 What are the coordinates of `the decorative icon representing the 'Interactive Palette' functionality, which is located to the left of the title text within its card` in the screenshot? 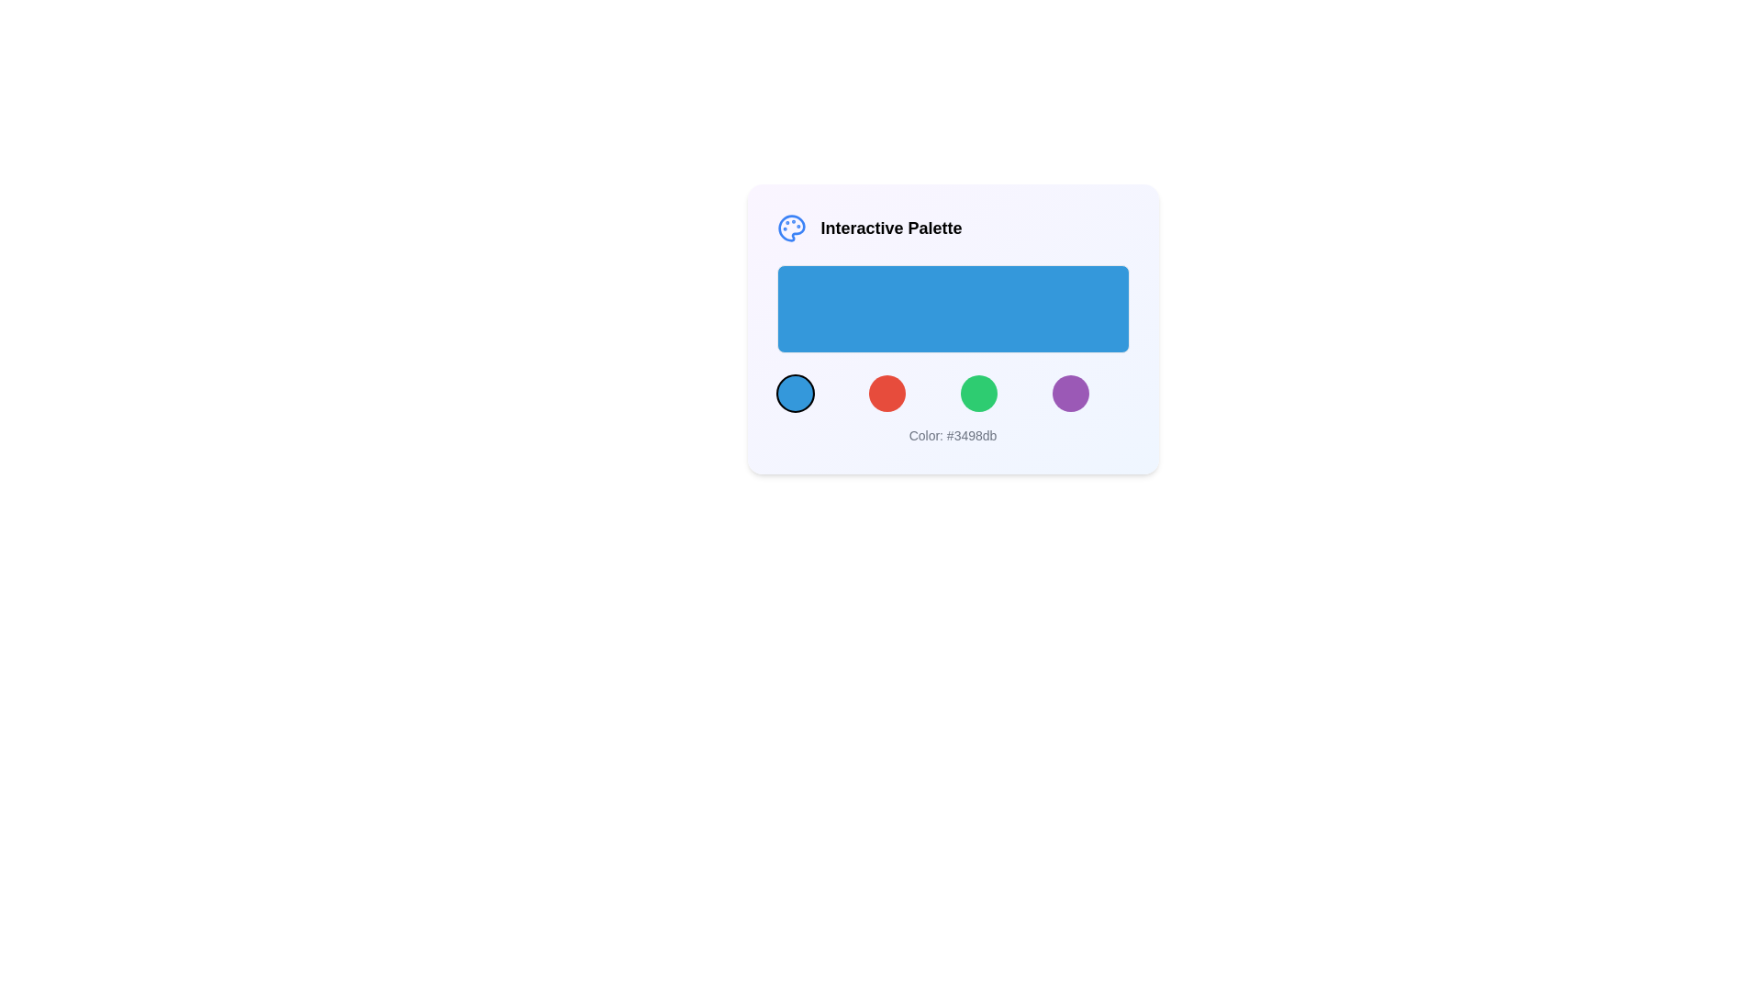 It's located at (791, 228).